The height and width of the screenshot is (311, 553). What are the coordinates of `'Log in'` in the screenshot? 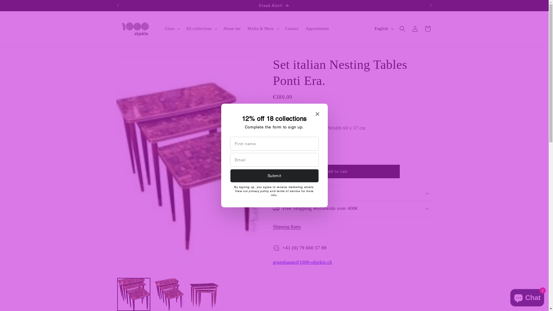 It's located at (408, 29).